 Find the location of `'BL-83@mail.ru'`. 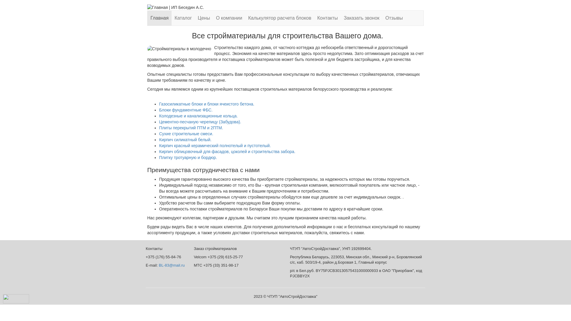

'BL-83@mail.ru' is located at coordinates (159, 265).